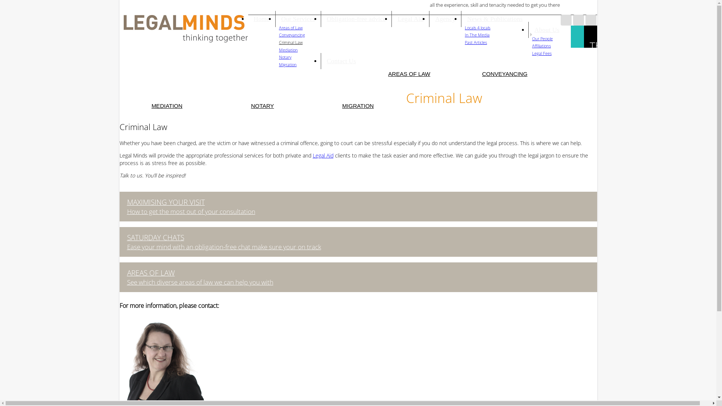 This screenshot has width=722, height=406. Describe the element at coordinates (494, 18) in the screenshot. I see `'News & Publications'` at that location.